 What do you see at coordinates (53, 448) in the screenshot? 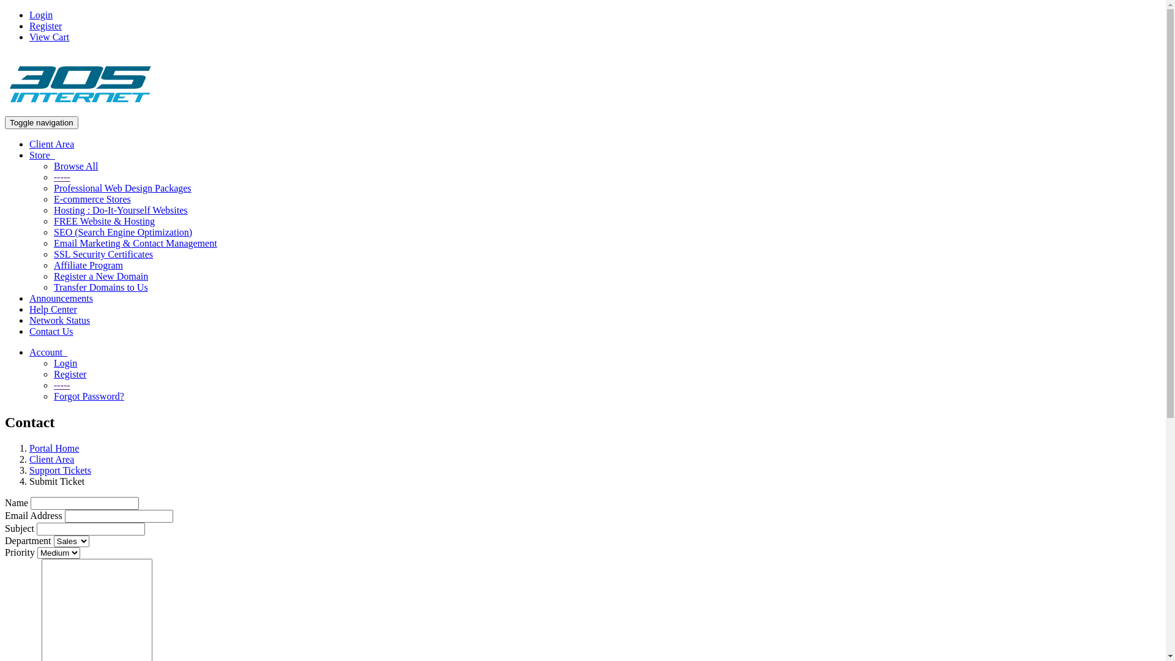
I see `'Portal Home'` at bounding box center [53, 448].